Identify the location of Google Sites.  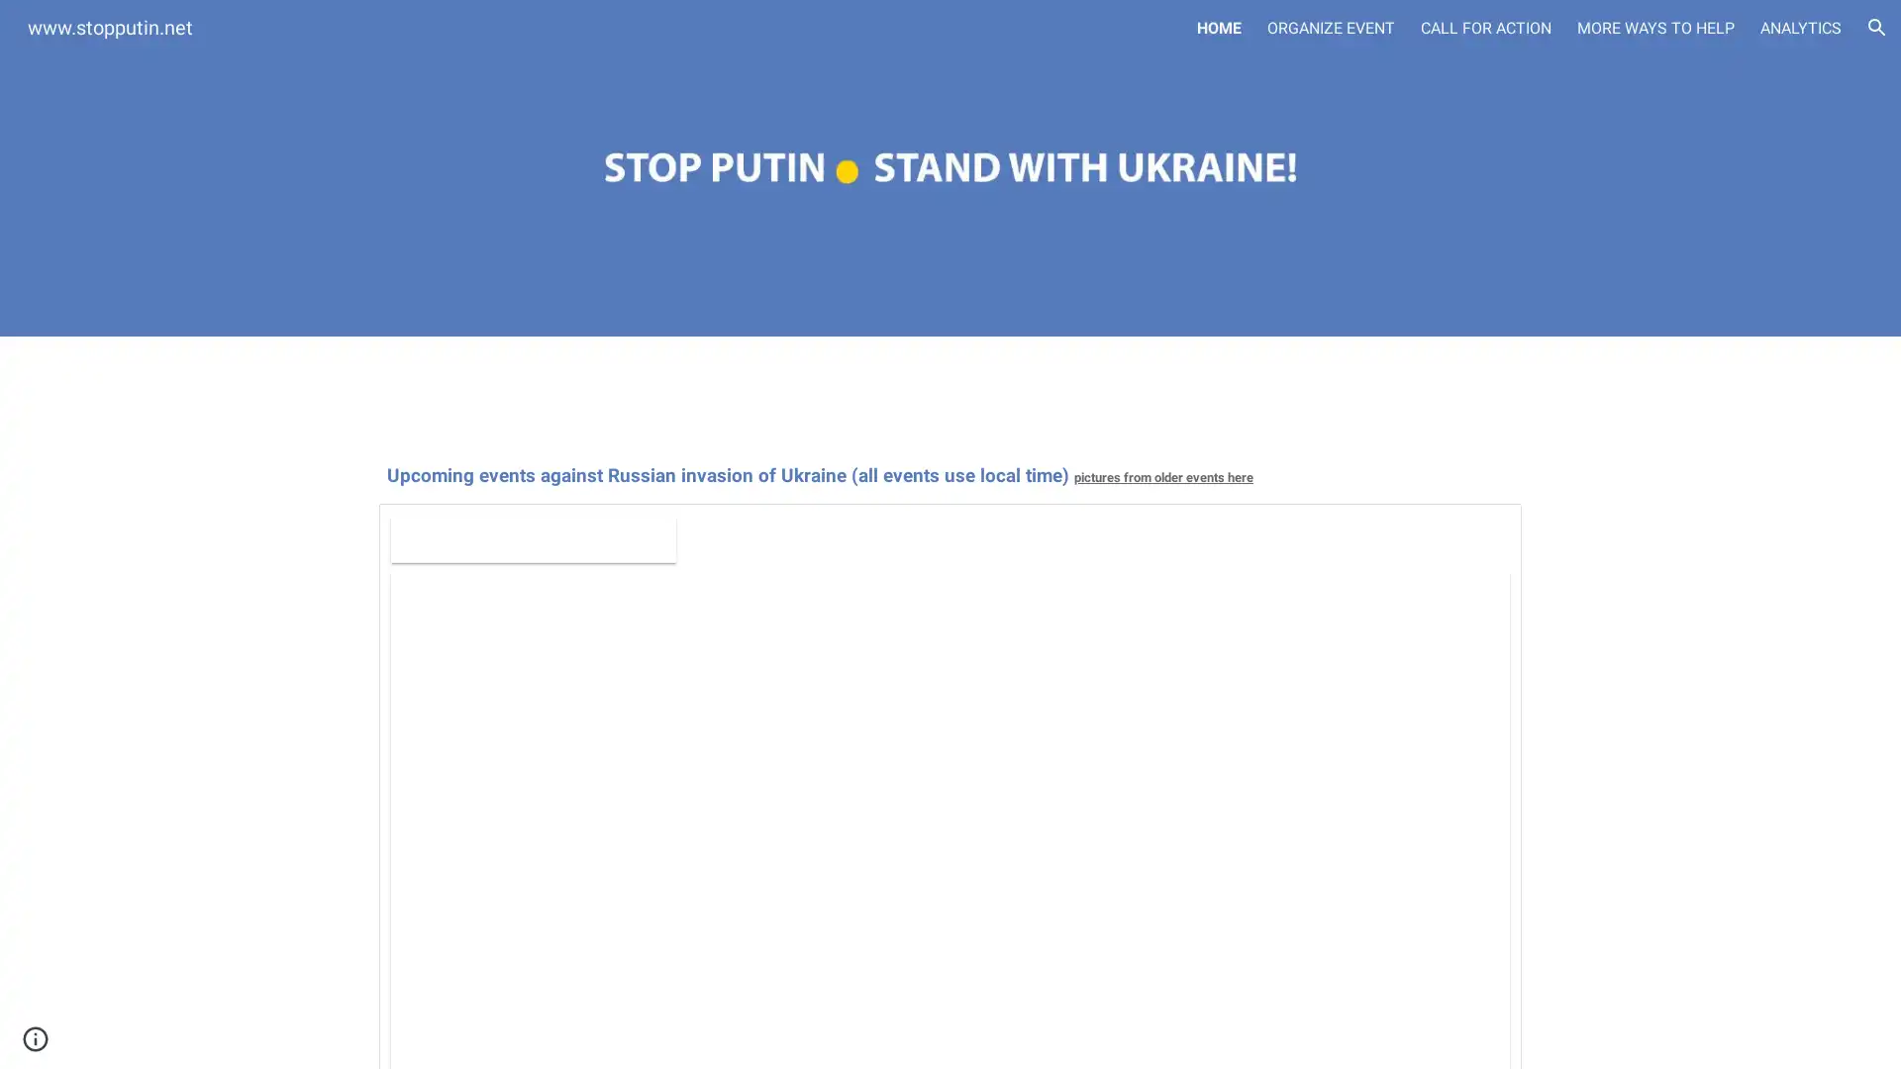
(152, 1033).